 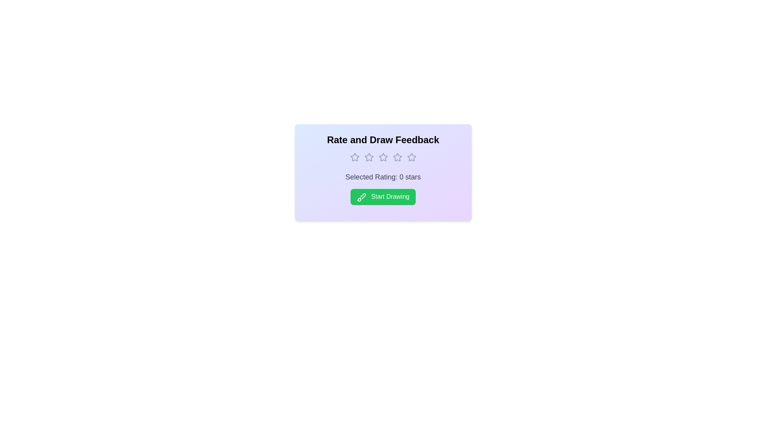 I want to click on the 'Start Drawing' button, so click(x=383, y=196).